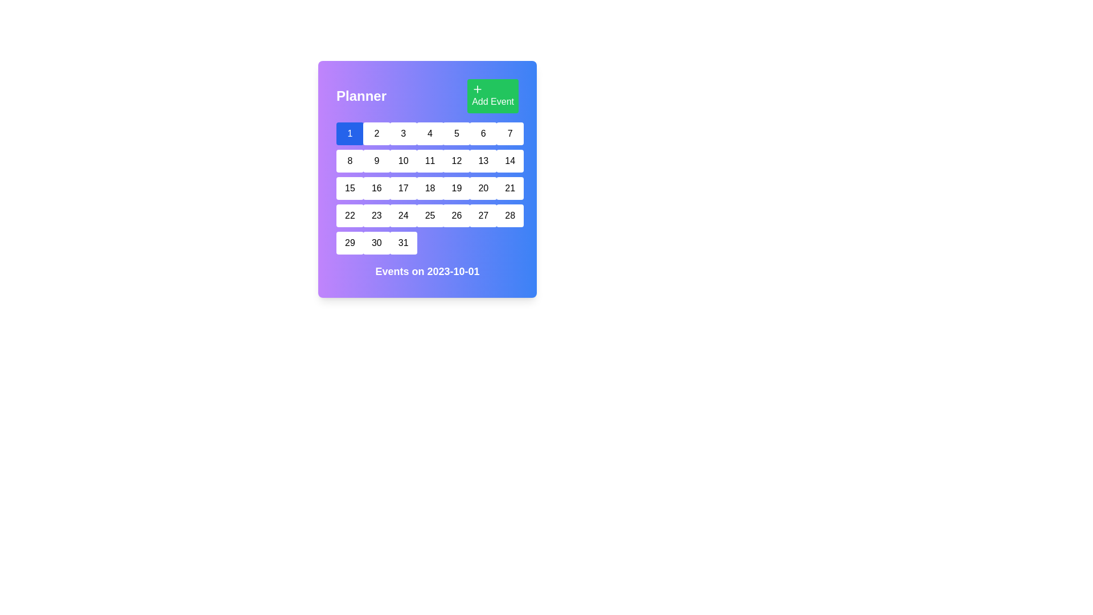  I want to click on the blue button labeled '1' in the top-left corner of the grid layout, so click(349, 133).